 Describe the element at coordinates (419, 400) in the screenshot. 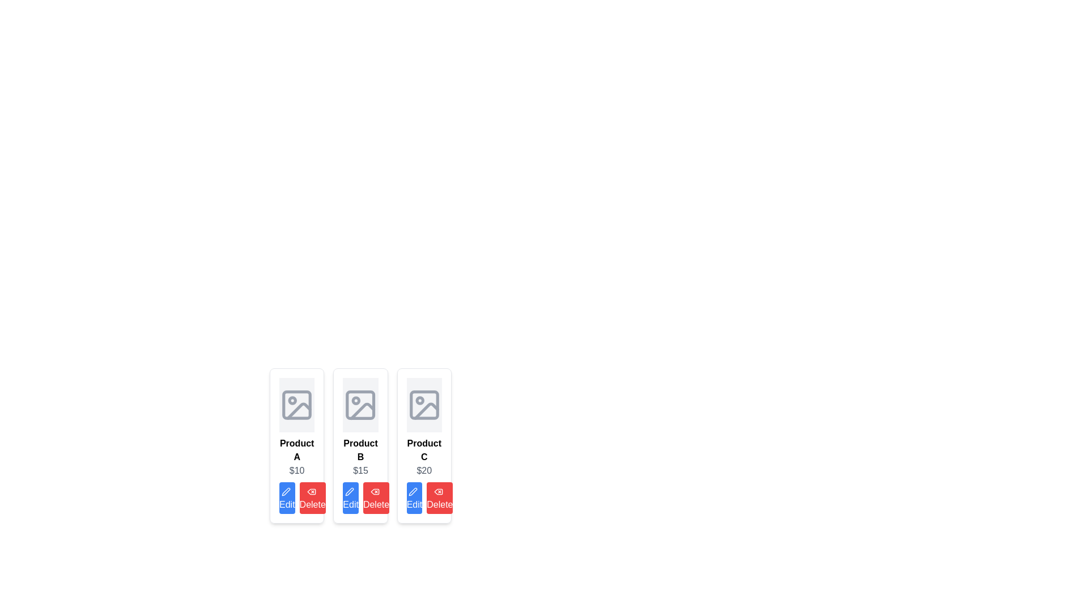

I see `the small circle icon within the product card labeled 'Product C', located in the upper-right corner of the product image display area` at that location.